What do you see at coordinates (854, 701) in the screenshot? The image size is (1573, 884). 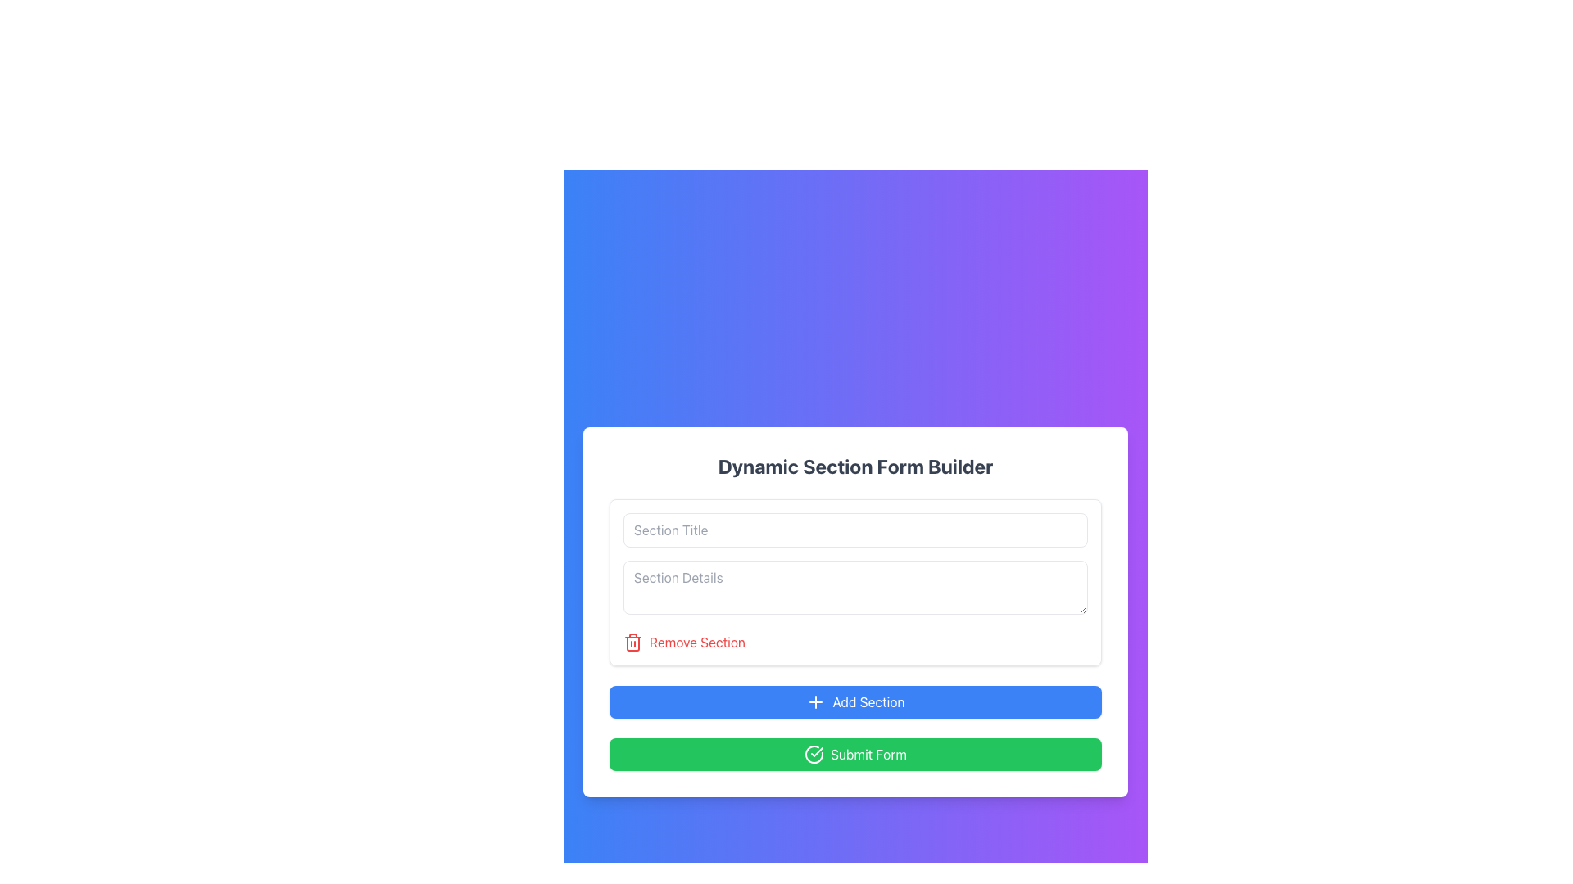 I see `the 'Add Section' button which has a blue background, white text, and a plus icon on the left, to observe styling changes` at bounding box center [854, 701].